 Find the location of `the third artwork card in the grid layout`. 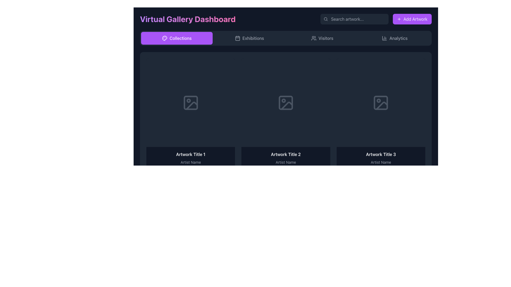

the third artwork card in the grid layout is located at coordinates (381, 117).